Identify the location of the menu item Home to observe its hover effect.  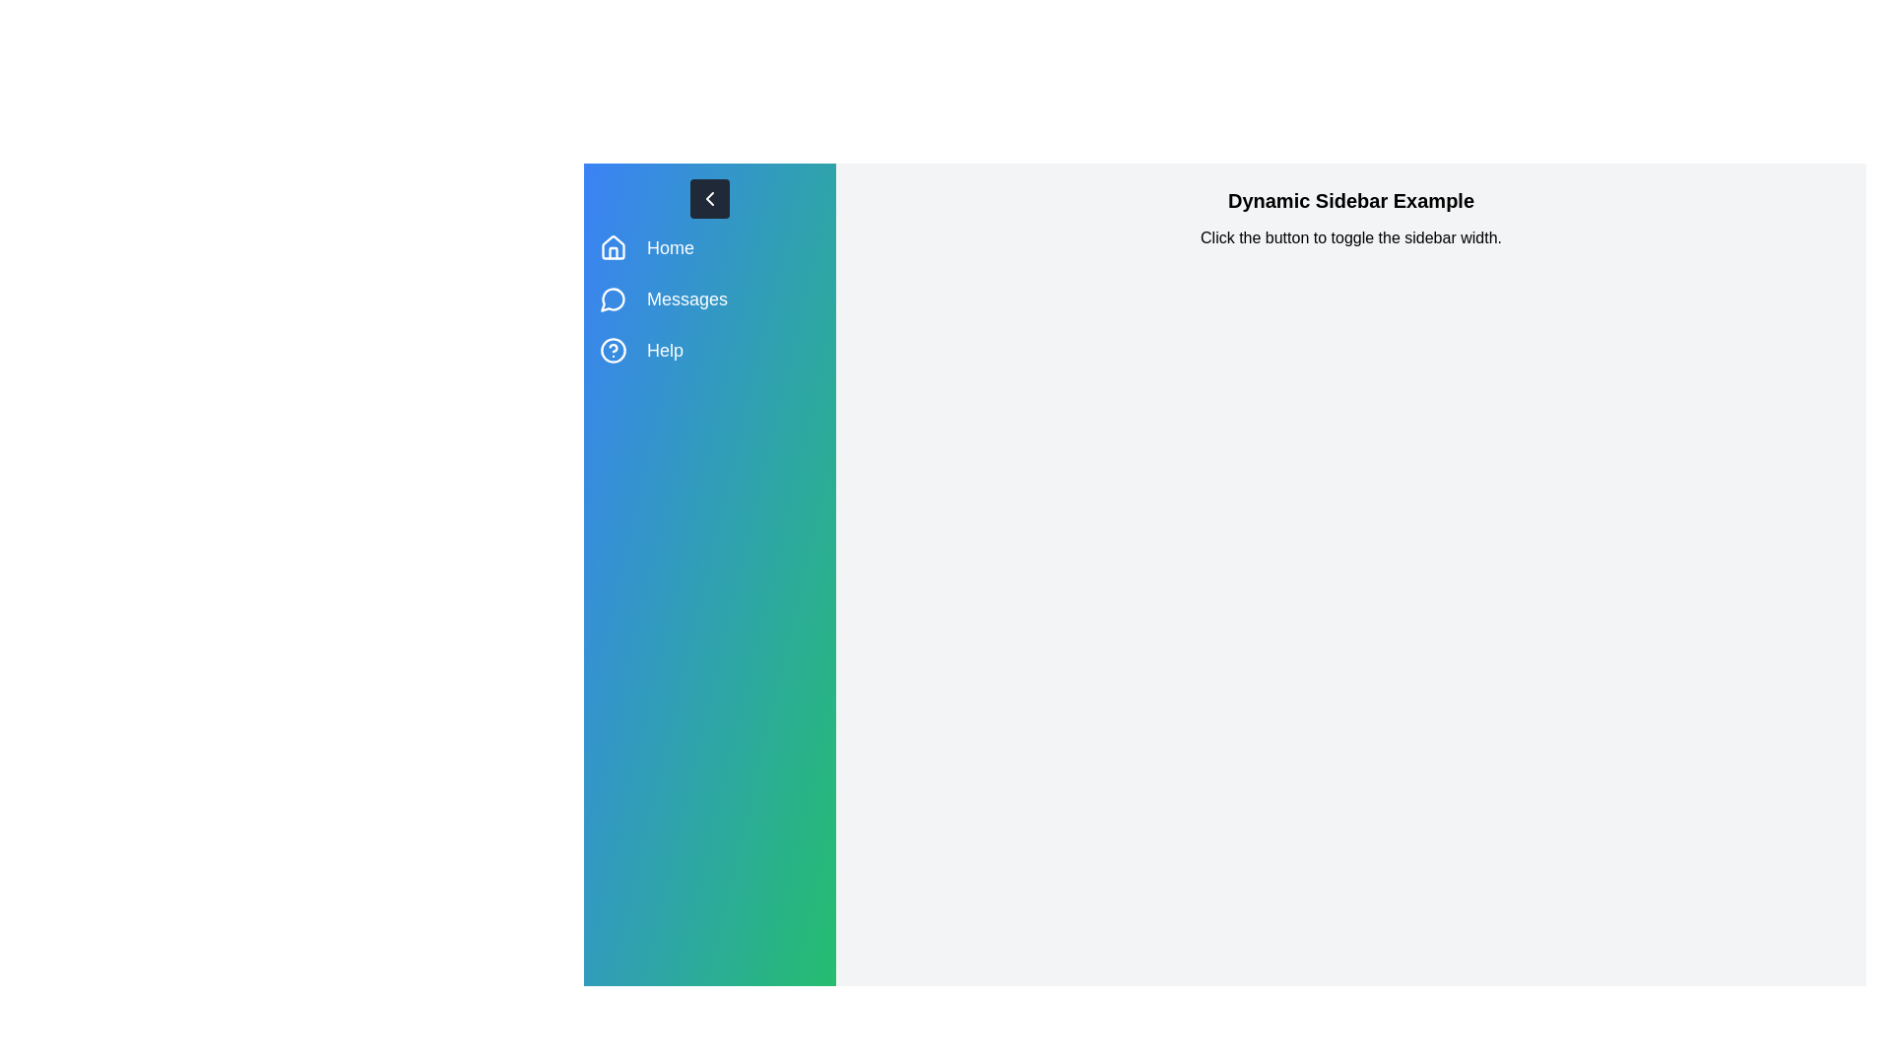
(709, 246).